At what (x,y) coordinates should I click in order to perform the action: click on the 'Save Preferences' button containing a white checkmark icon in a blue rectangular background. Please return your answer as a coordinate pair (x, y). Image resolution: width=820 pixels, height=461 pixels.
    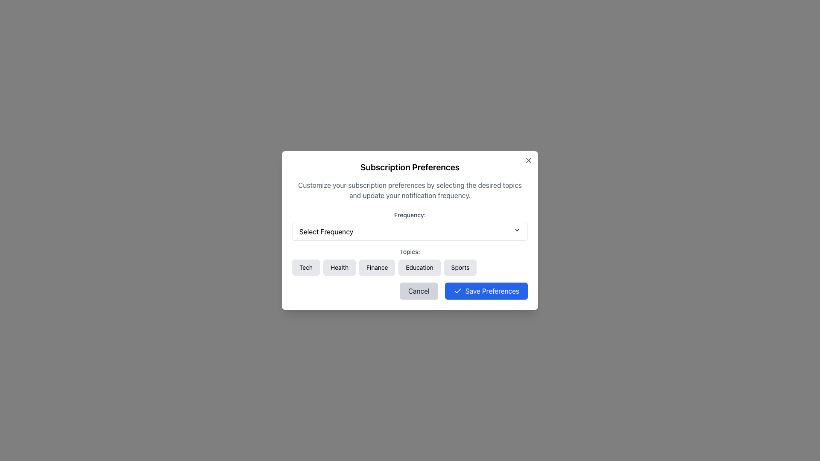
    Looking at the image, I should click on (457, 290).